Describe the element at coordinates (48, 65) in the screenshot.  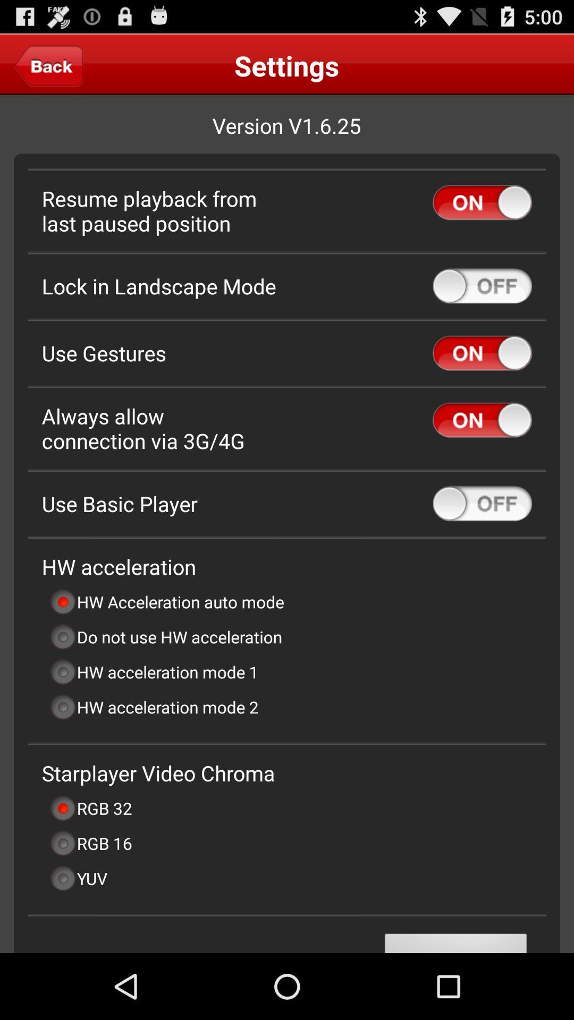
I see `previous page` at that location.